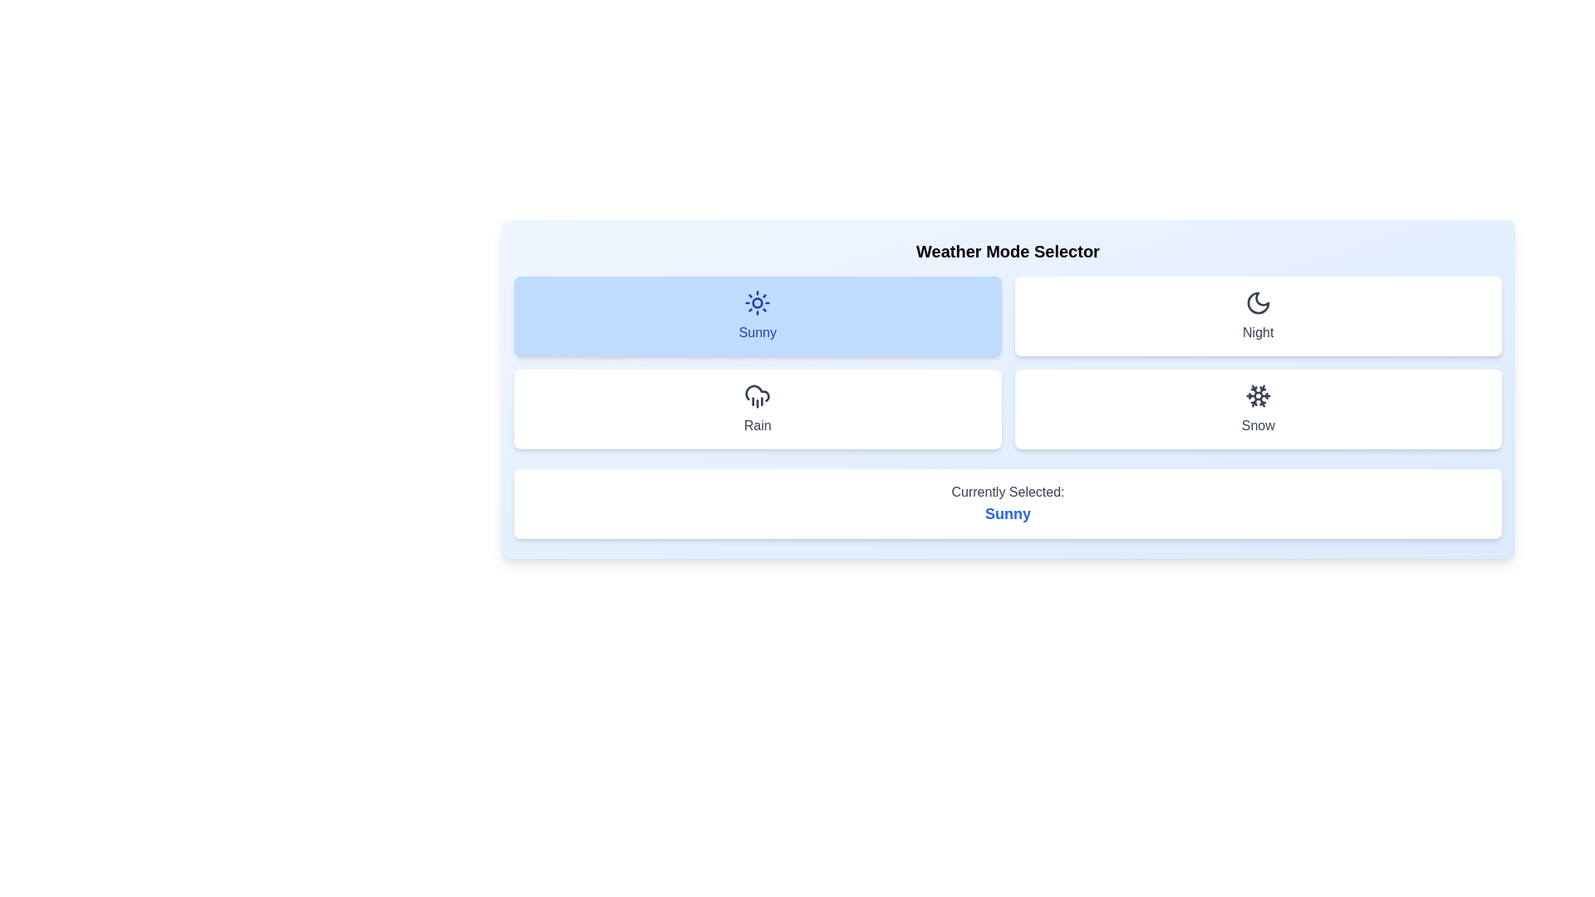 The height and width of the screenshot is (897, 1595). I want to click on the weather option Snow, so click(1258, 409).